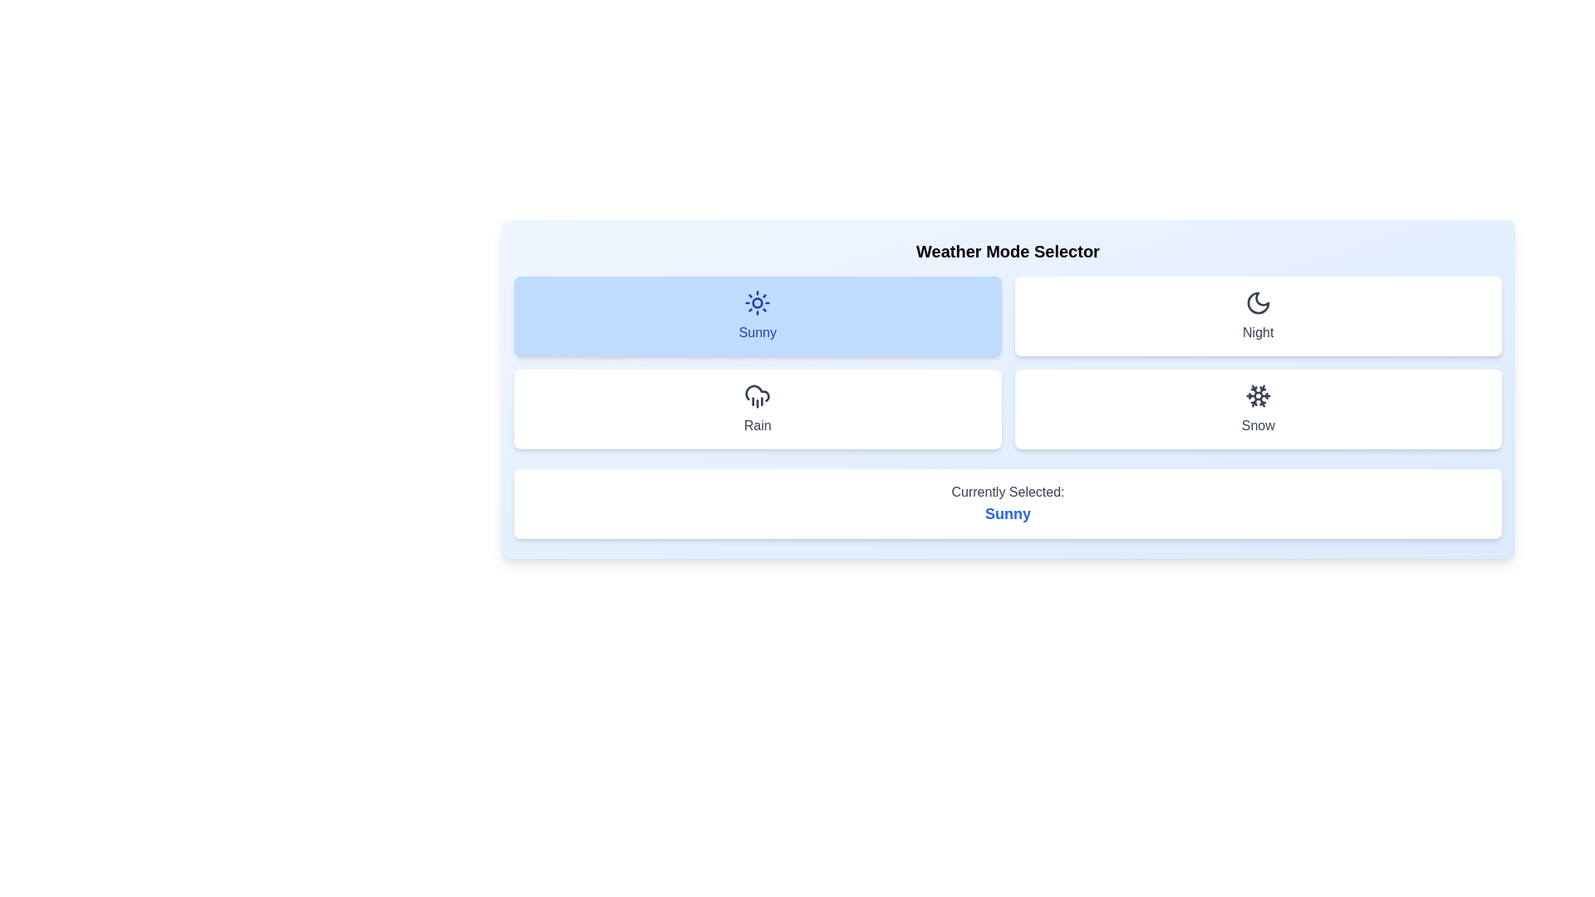 The height and width of the screenshot is (897, 1595). I want to click on the weather option Snow, so click(1258, 409).